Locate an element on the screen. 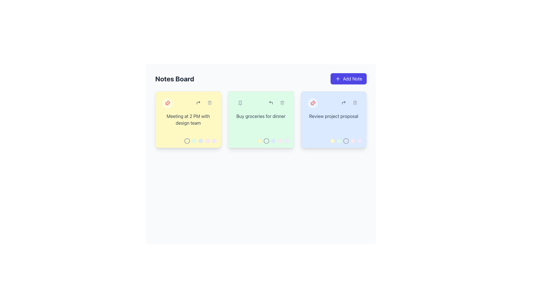 The height and width of the screenshot is (304, 542). the third circular toggle button located at the bottom-right corner of the second note card titled 'Buy groceries for dinner' is located at coordinates (273, 141).